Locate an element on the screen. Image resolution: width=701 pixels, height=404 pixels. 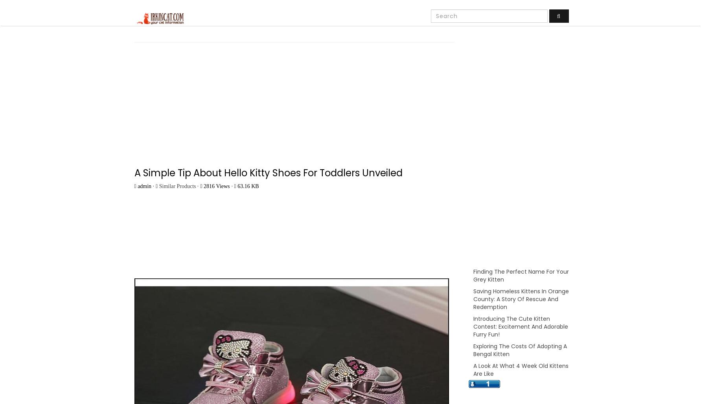
'Similar Products' is located at coordinates (177, 186).